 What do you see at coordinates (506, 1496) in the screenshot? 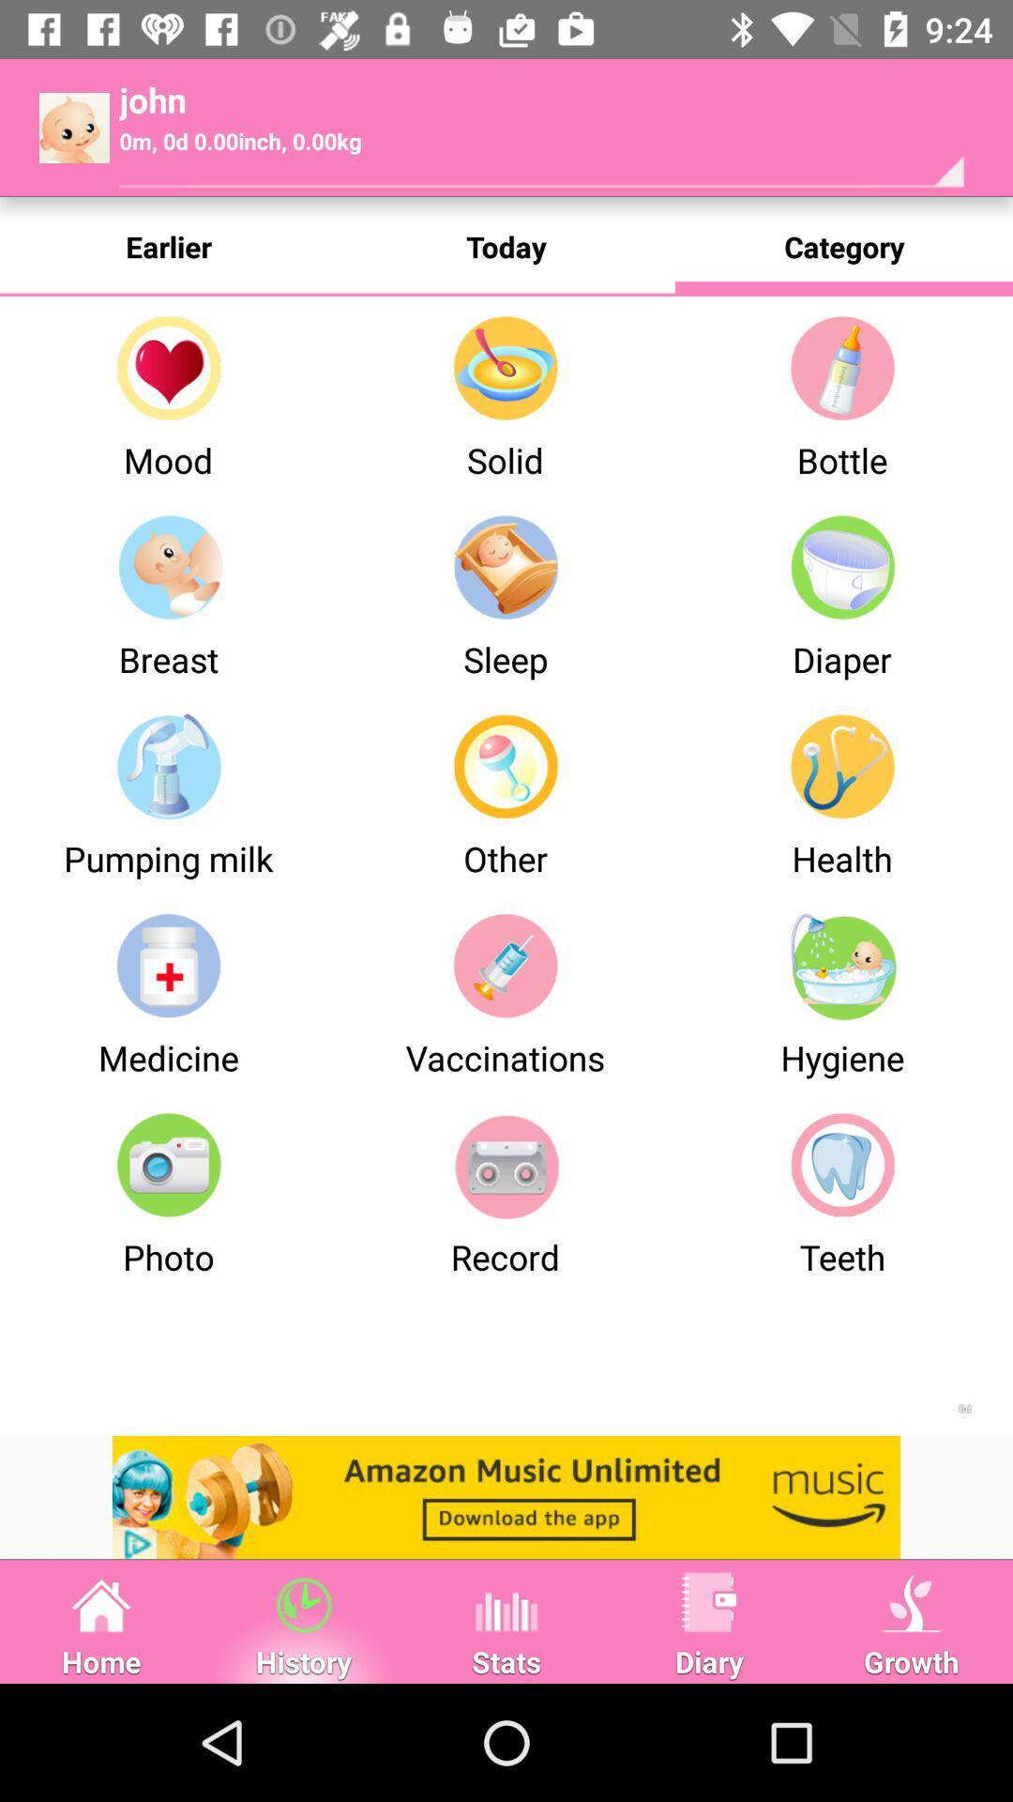
I see `launch advertisement link` at bounding box center [506, 1496].